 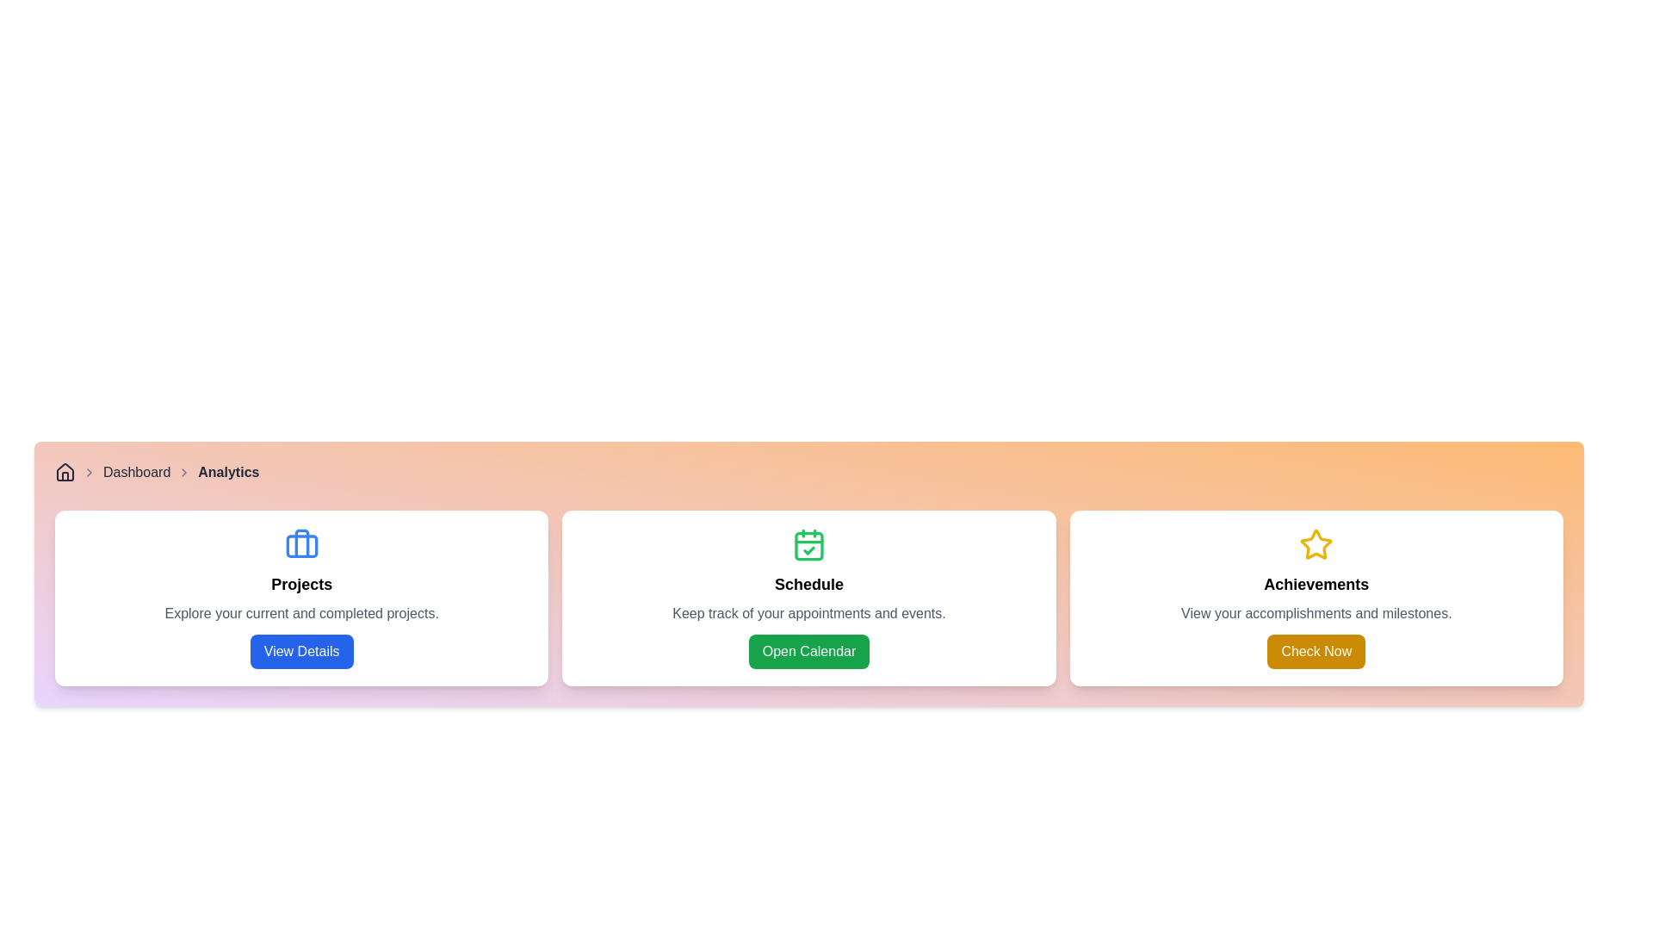 What do you see at coordinates (301, 546) in the screenshot?
I see `rectangular design element with a blue outline located within the briefcase icon above the 'Projects' header in the Analytics dashboard using developer tools` at bounding box center [301, 546].